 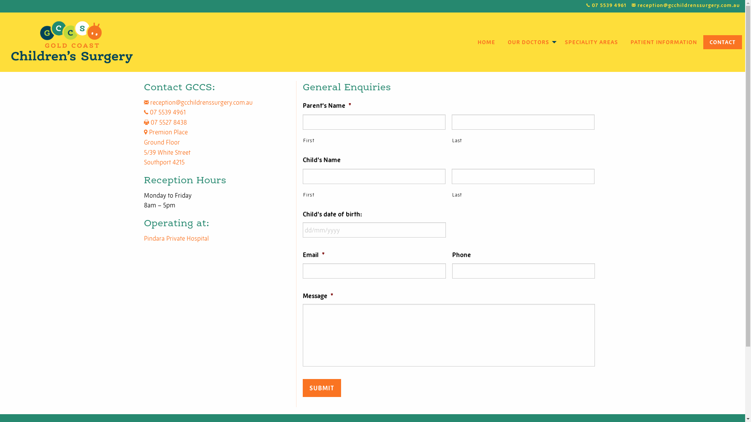 I want to click on 'HOME', so click(x=486, y=42).